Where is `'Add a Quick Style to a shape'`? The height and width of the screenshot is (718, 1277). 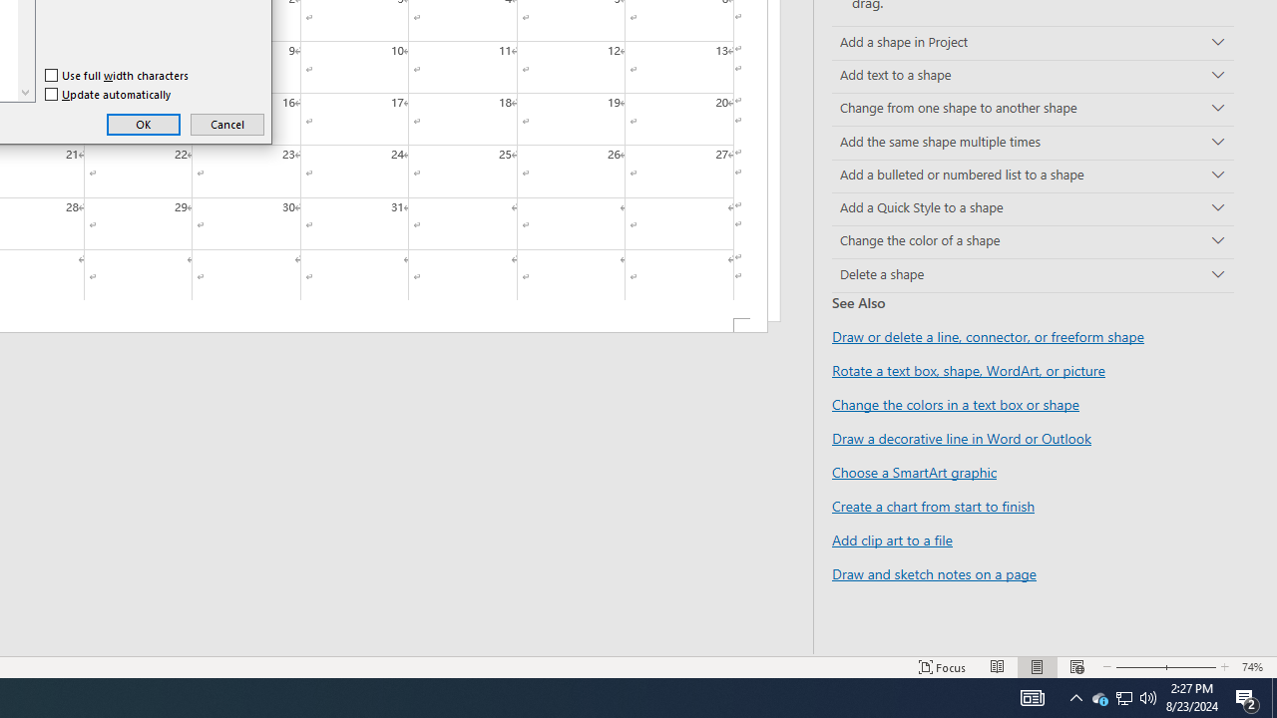
'Add a Quick Style to a shape' is located at coordinates (1033, 208).